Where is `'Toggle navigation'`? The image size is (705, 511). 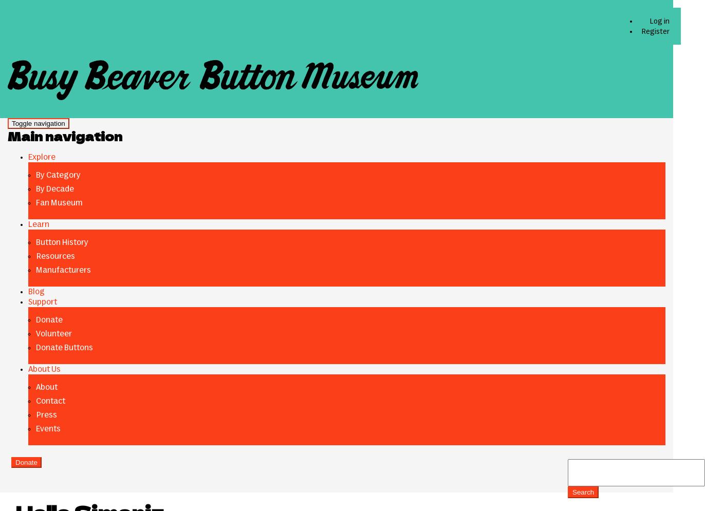
'Toggle navigation' is located at coordinates (38, 123).